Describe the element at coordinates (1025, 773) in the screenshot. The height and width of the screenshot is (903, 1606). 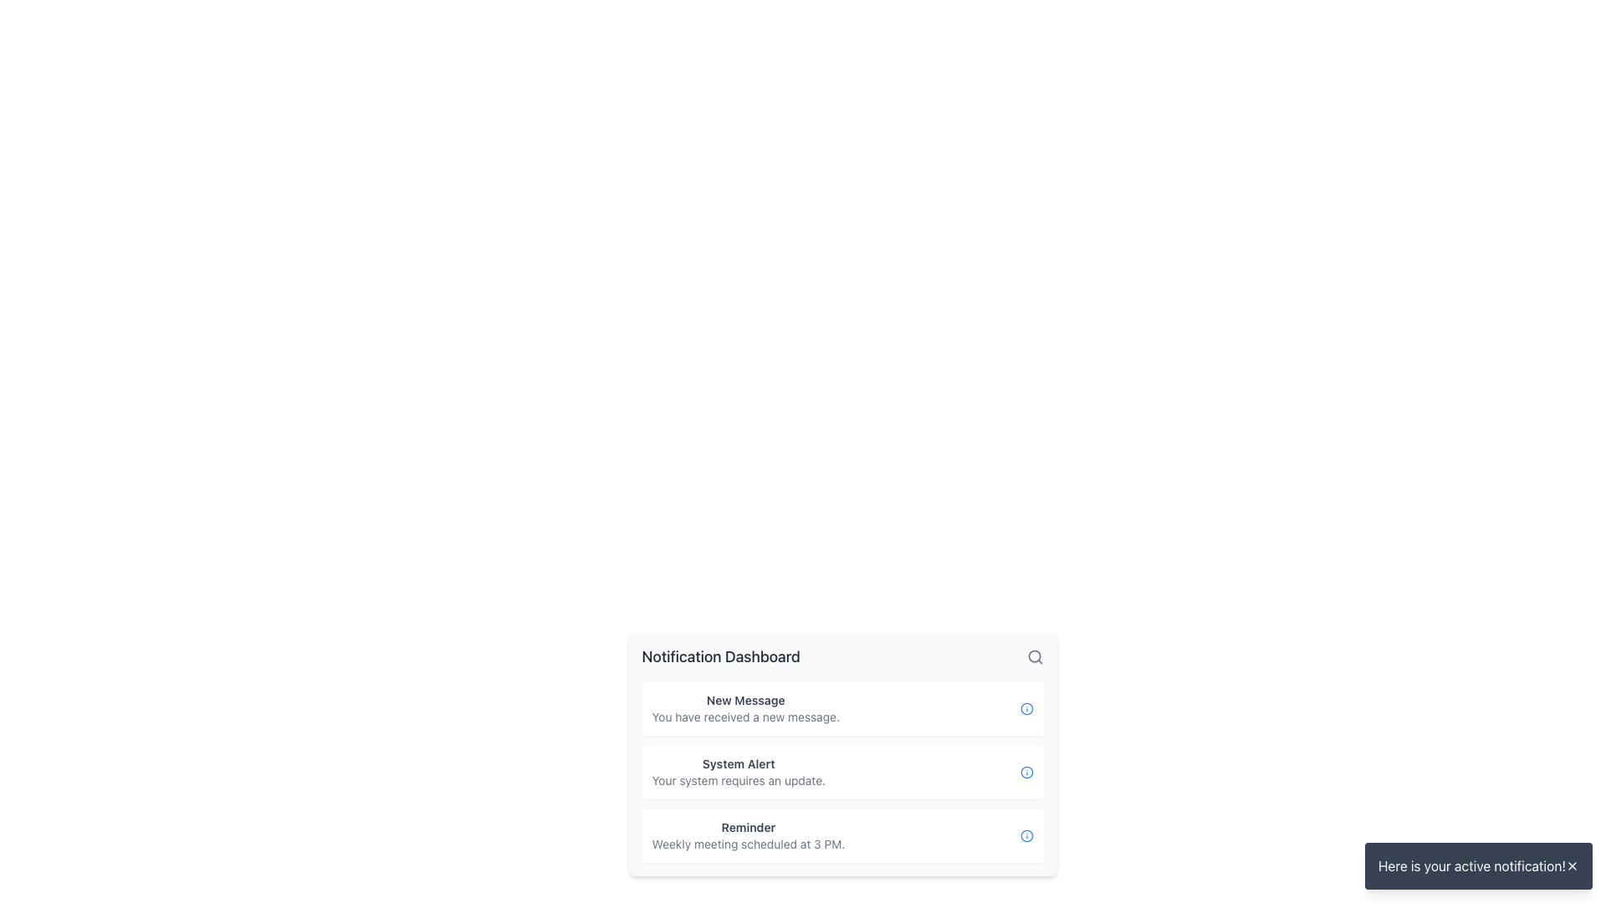
I see `the circular component of the information symbol located at the end of the 'System Alert' notification row in the 'Notification Dashboard'` at that location.